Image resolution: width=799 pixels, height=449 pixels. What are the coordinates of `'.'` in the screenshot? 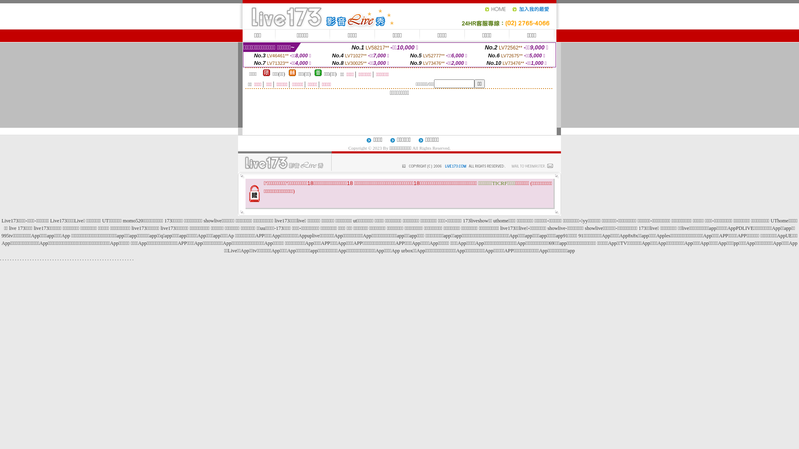 It's located at (114, 258).